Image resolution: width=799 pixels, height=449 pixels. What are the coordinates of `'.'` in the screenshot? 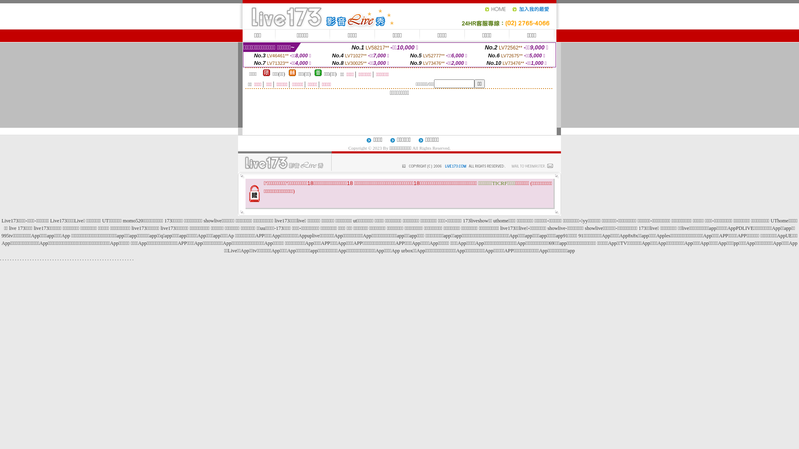 It's located at (114, 258).